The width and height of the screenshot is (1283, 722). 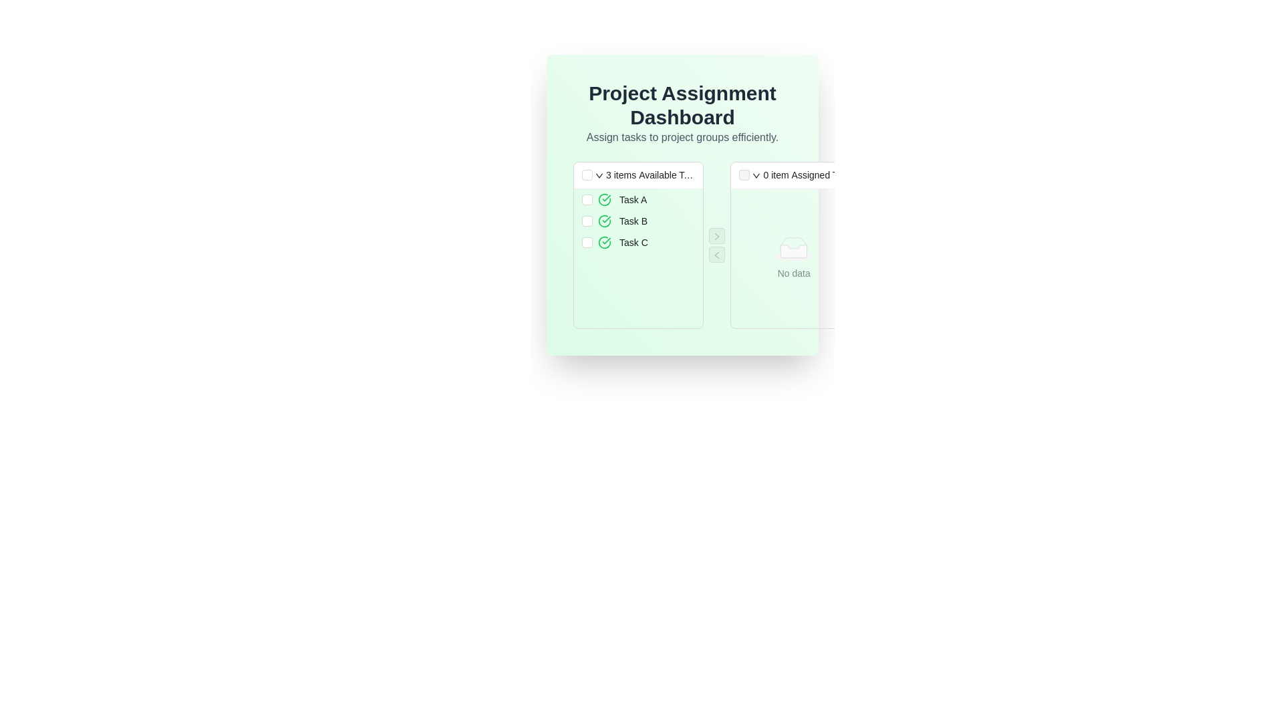 I want to click on the list item labeled 'Task C' within the 'Available Tasks' section, so click(x=646, y=242).